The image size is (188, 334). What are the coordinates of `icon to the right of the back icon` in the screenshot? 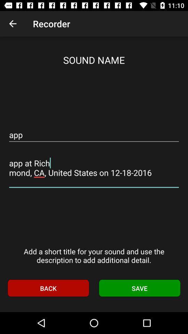 It's located at (140, 288).